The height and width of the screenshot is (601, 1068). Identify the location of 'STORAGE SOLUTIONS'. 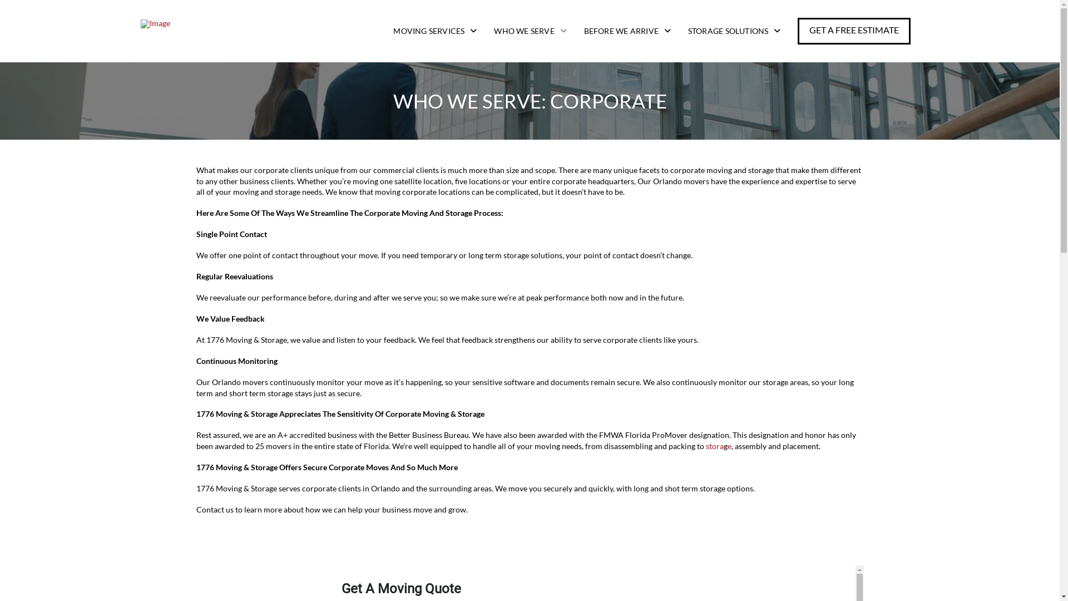
(678, 31).